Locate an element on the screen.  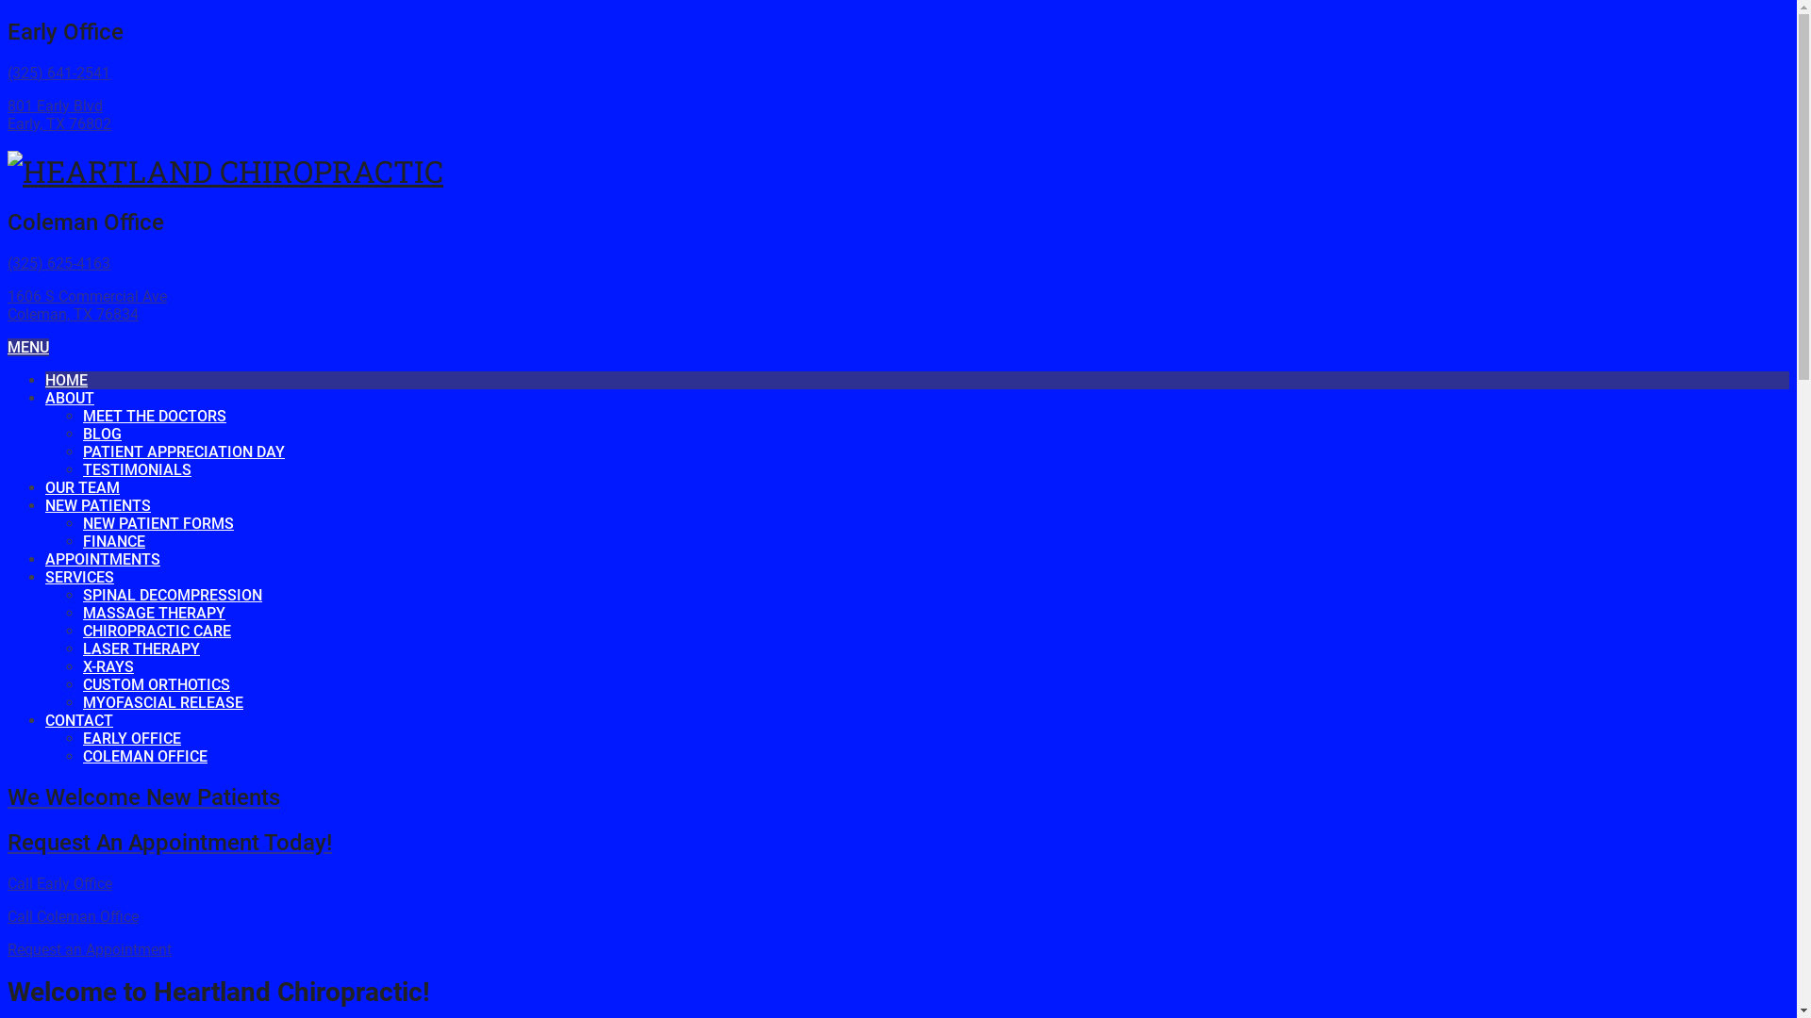
'CUSTOM ORTHOTICS' is located at coordinates (81, 684).